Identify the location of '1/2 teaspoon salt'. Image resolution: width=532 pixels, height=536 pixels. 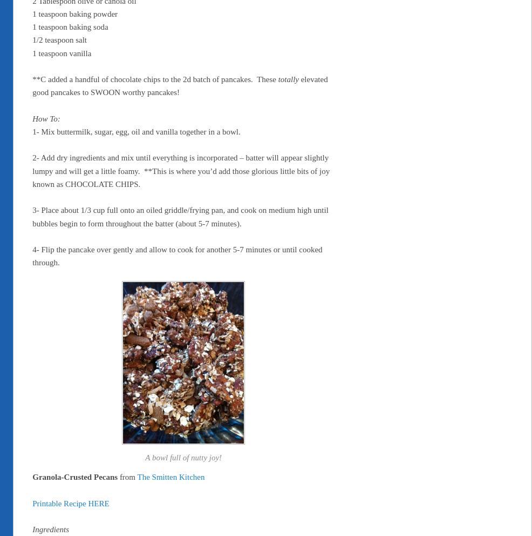
(59, 40).